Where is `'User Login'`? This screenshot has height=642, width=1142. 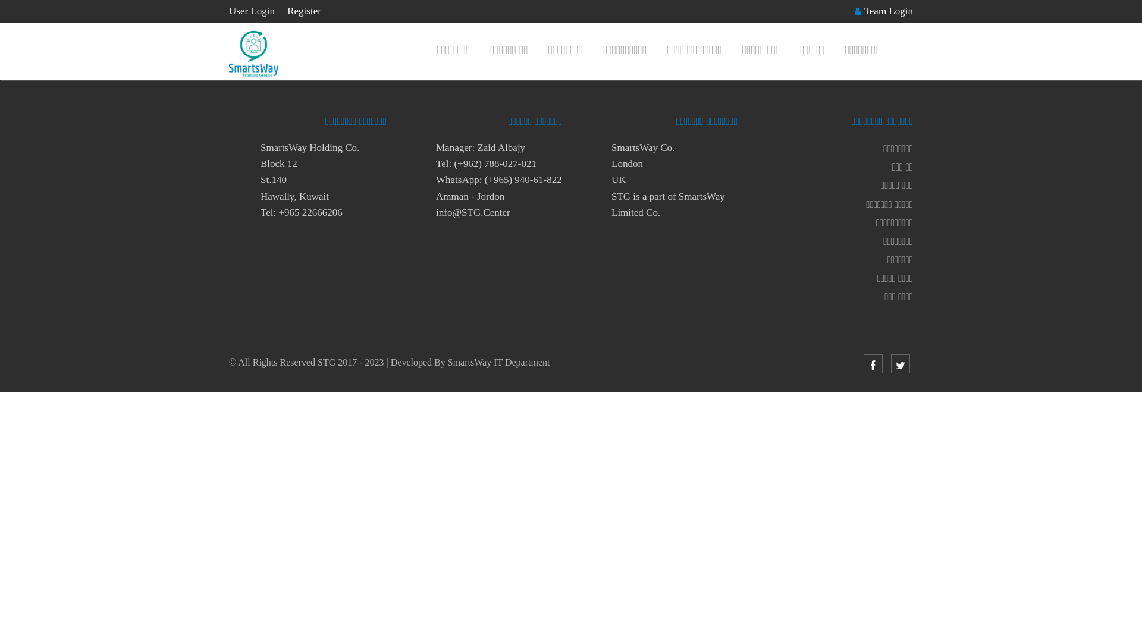
'User Login' is located at coordinates (251, 11).